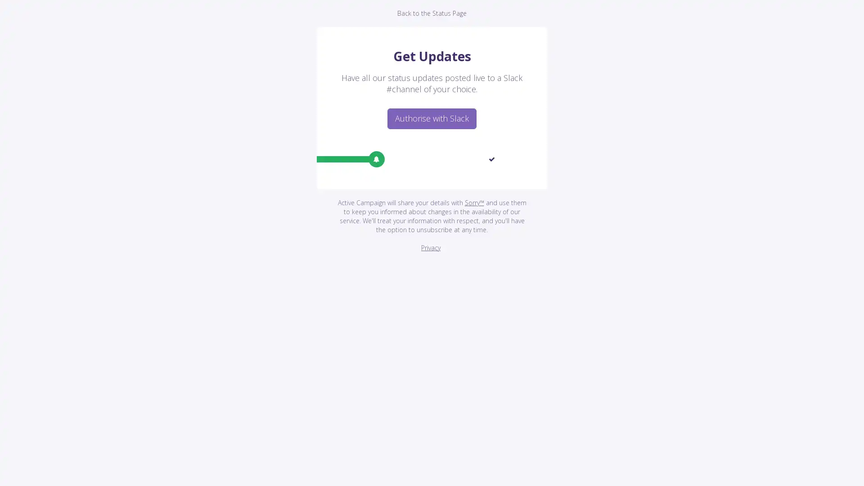 This screenshot has height=486, width=864. Describe the element at coordinates (432, 118) in the screenshot. I see `Authorise with Slack` at that location.